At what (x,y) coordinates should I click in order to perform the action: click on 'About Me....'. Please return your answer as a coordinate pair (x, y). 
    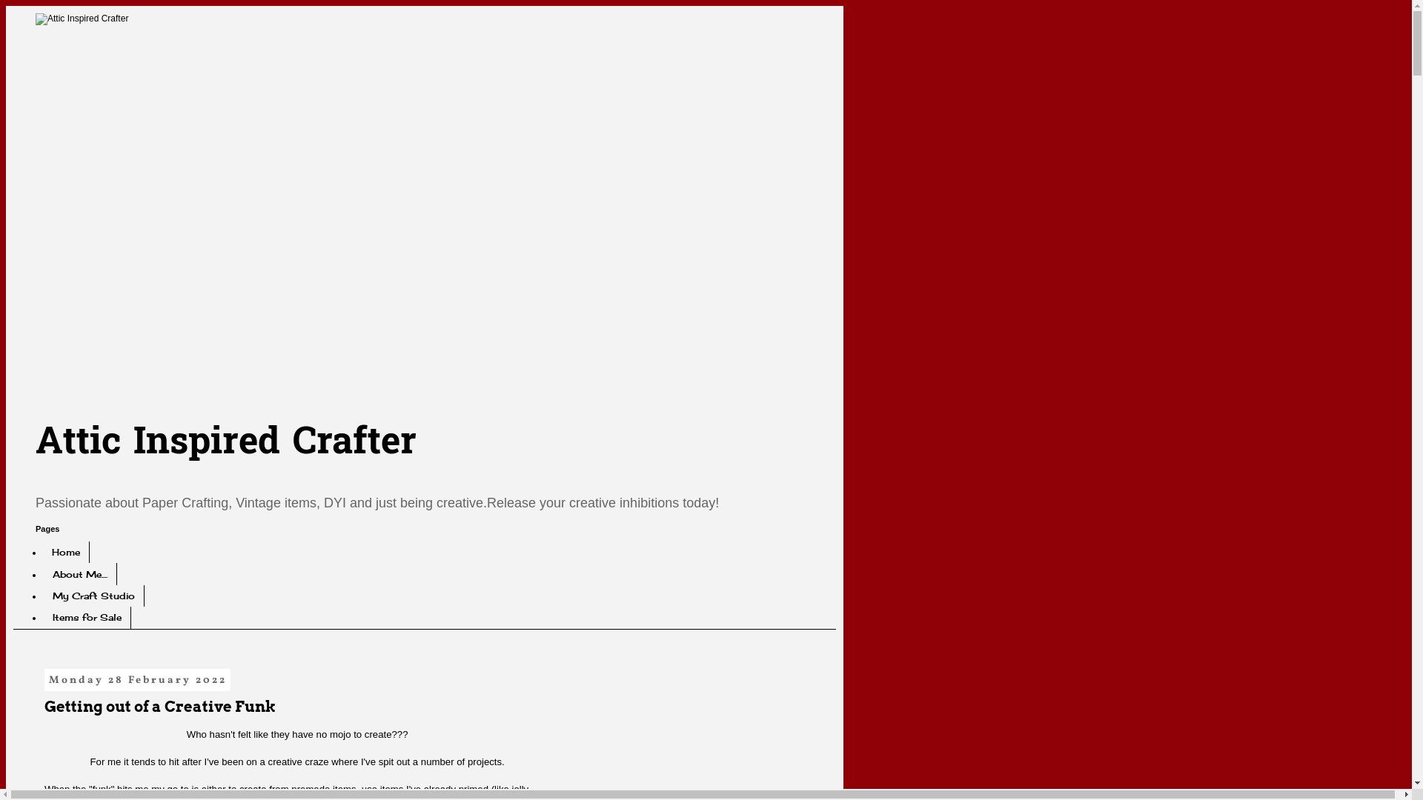
    Looking at the image, I should click on (79, 573).